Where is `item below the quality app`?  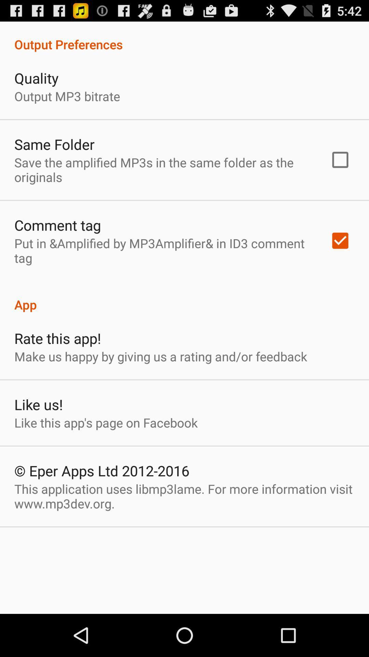
item below the quality app is located at coordinates (67, 96).